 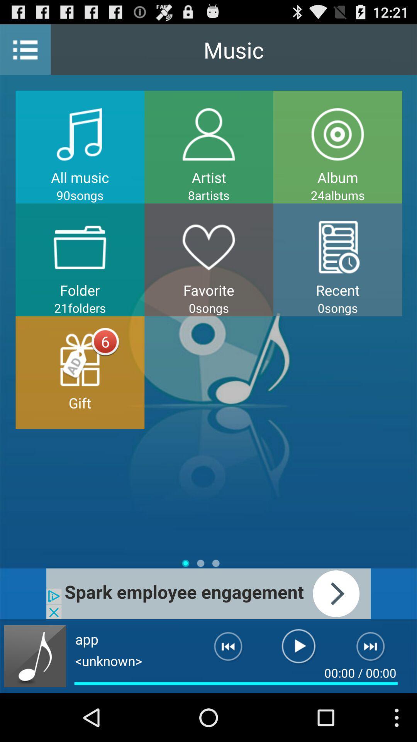 I want to click on the skip_next icon, so click(x=375, y=695).